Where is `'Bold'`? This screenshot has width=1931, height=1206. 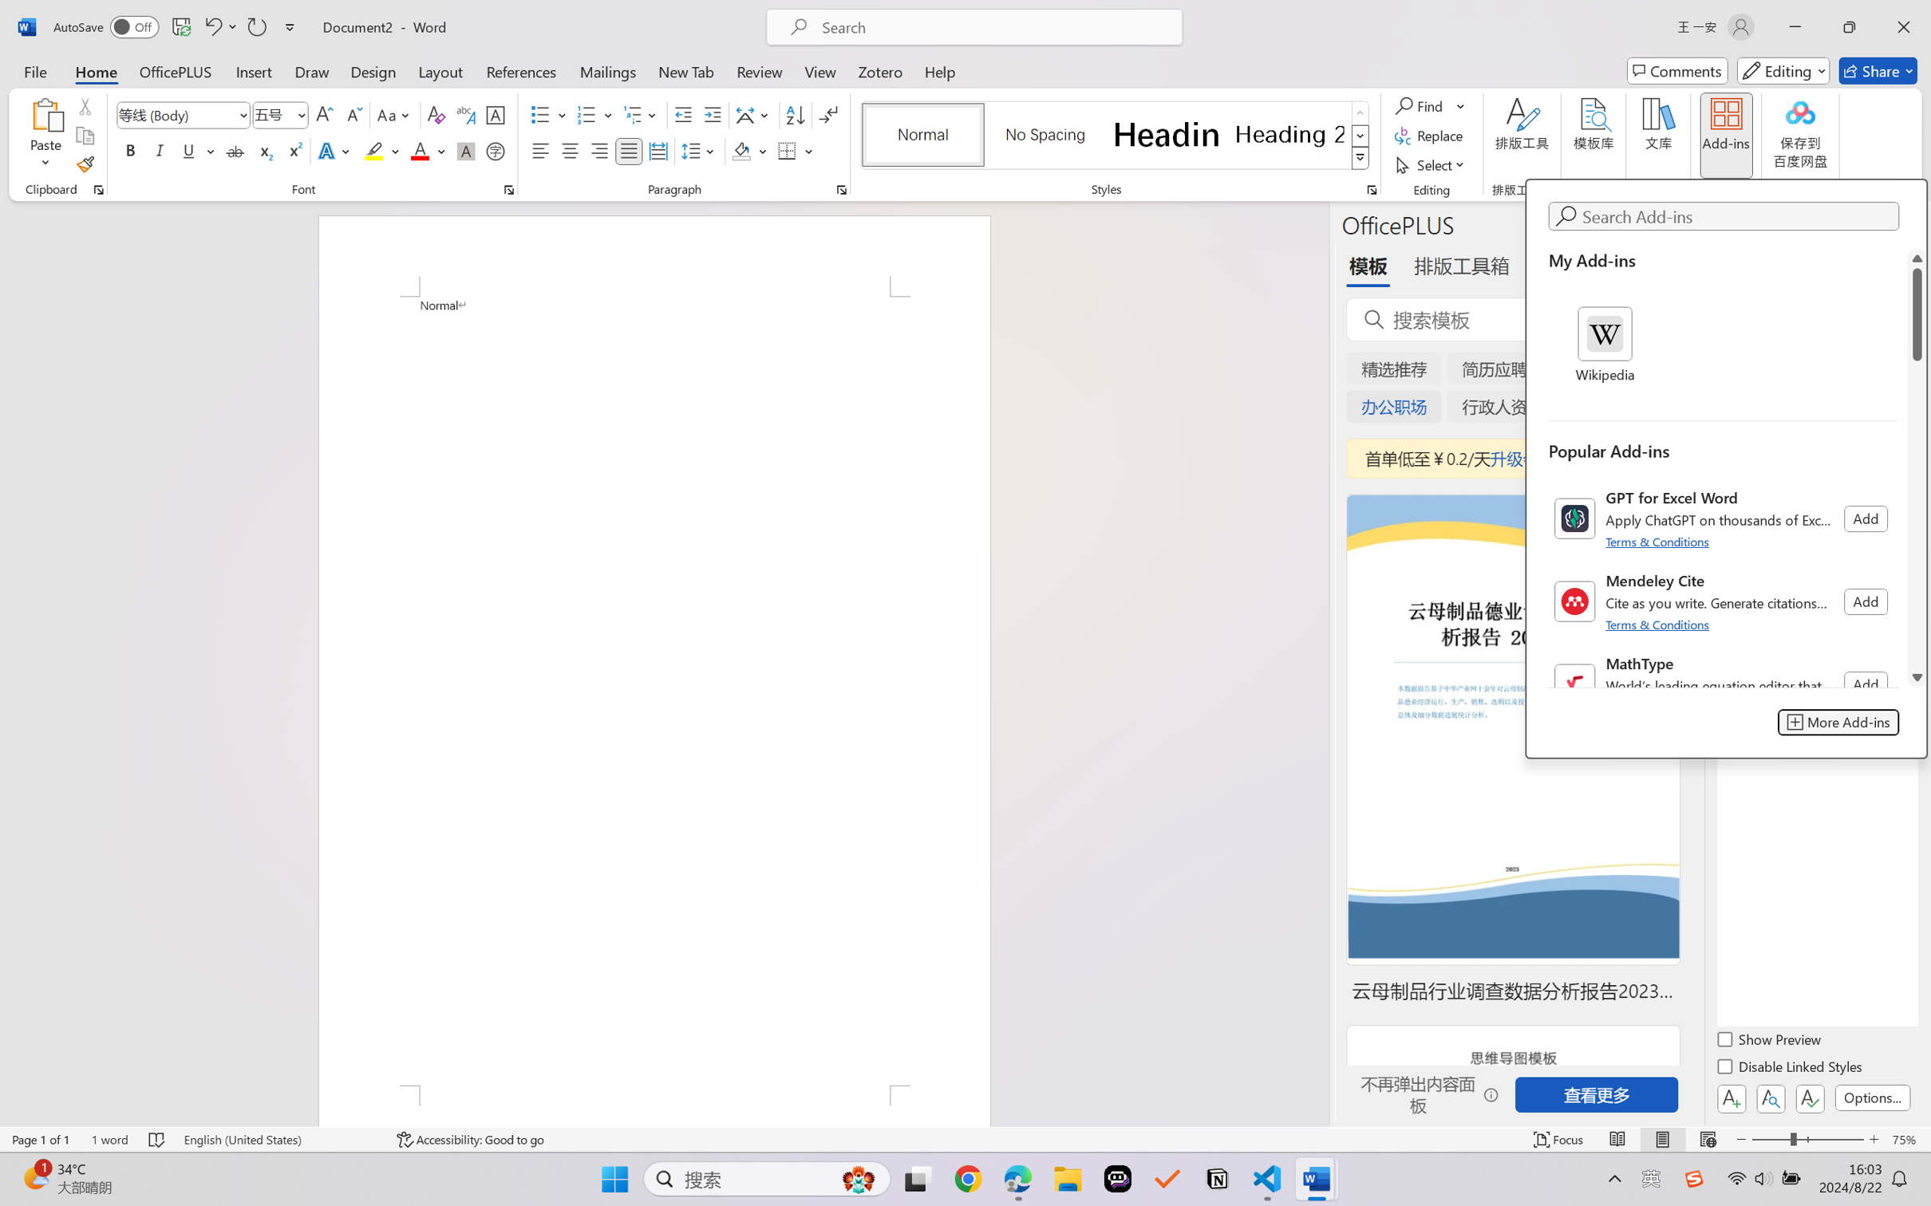
'Bold' is located at coordinates (131, 150).